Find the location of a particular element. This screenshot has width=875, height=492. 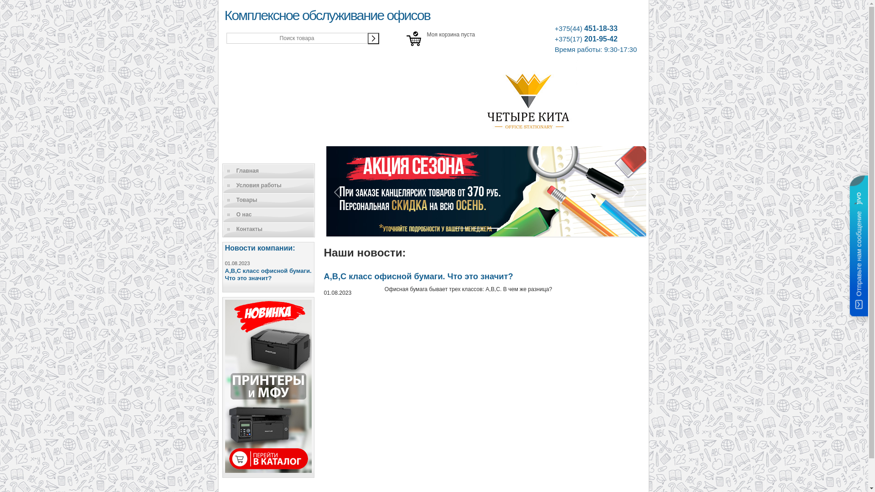

'+375(44) 451-18-33' is located at coordinates (595, 28).